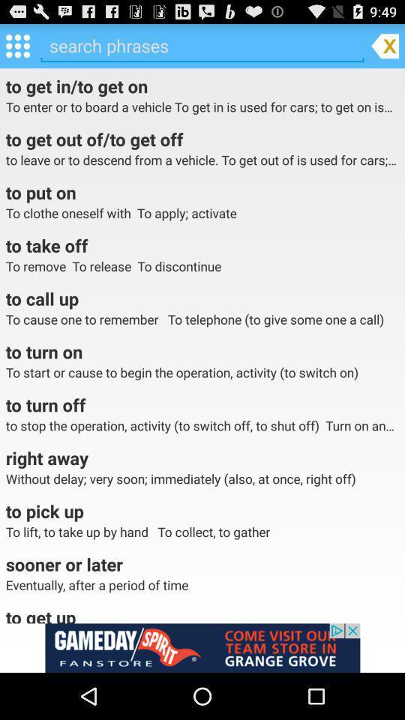 The image size is (405, 720). Describe the element at coordinates (16, 49) in the screenshot. I see `the dialpad icon` at that location.